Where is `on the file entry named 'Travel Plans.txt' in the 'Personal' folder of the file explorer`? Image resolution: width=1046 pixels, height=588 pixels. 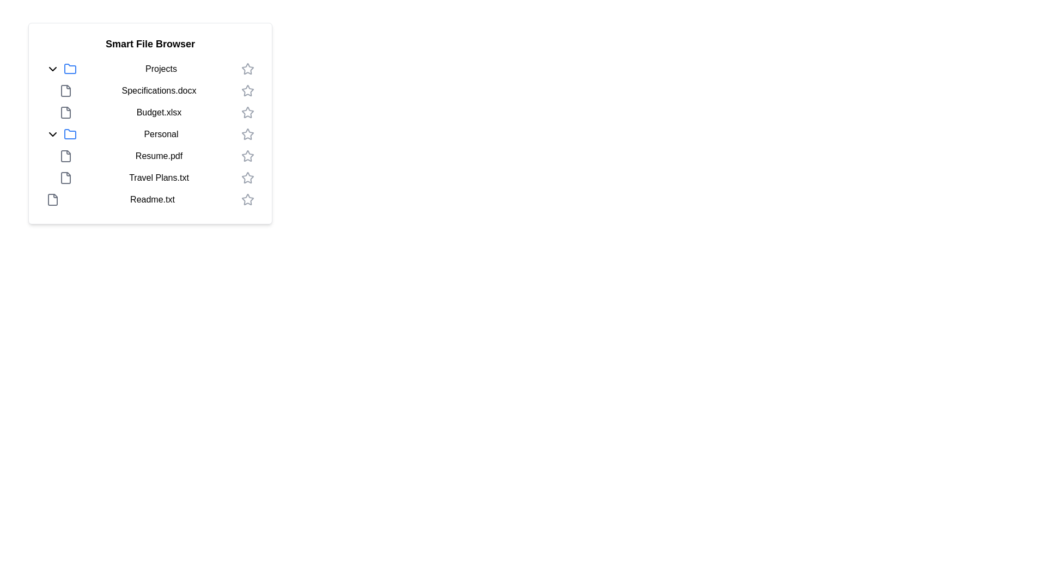 on the file entry named 'Travel Plans.txt' in the 'Personal' folder of the file explorer is located at coordinates (156, 177).